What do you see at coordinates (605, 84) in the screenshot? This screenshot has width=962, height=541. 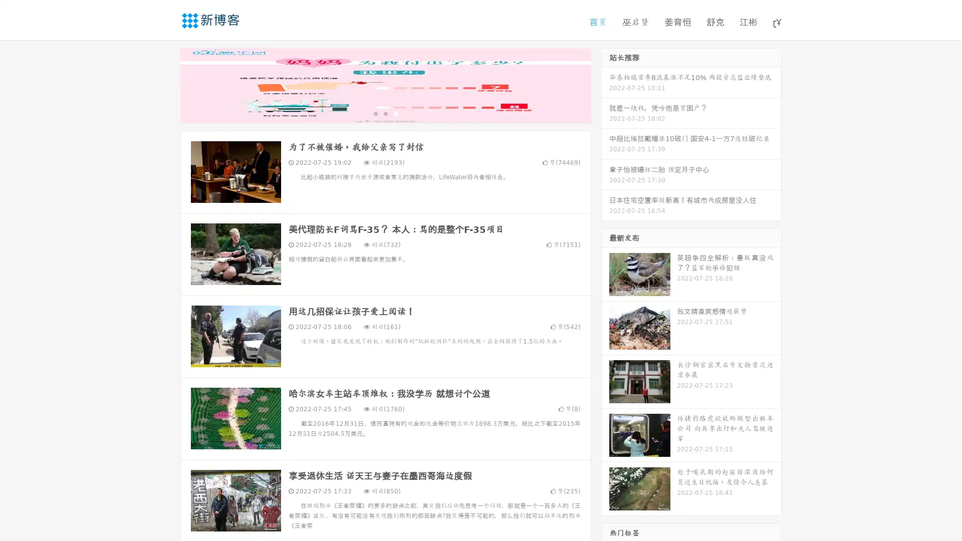 I see `Next slide` at bounding box center [605, 84].